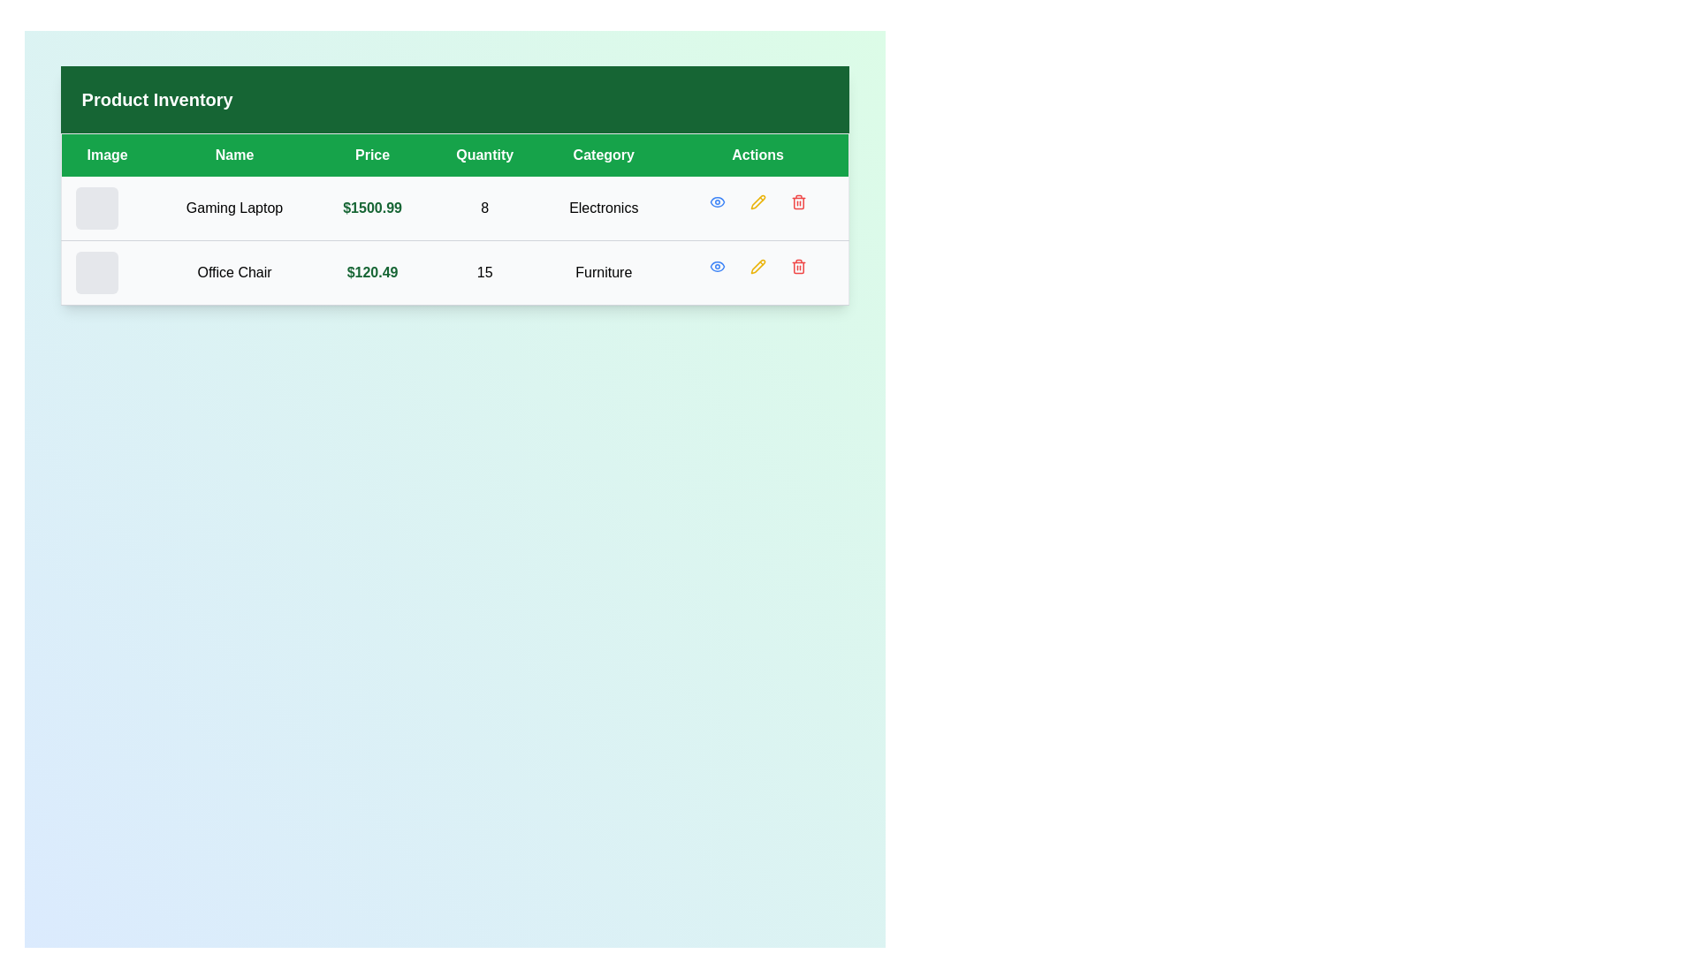 The height and width of the screenshot is (954, 1697). I want to click on the labels of the header row in the product inventory table, which includes 'Image', 'Name', 'Price', 'Quantity', 'Category', and 'Actions', so click(454, 154).